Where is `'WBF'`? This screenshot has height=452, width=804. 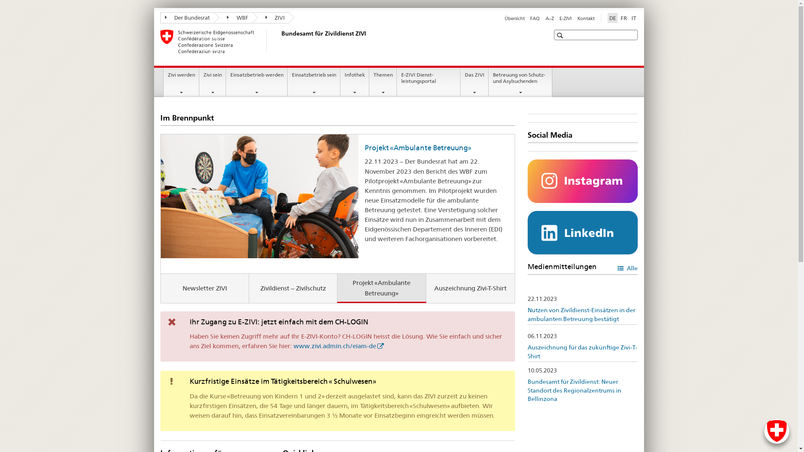 'WBF' is located at coordinates (233, 18).